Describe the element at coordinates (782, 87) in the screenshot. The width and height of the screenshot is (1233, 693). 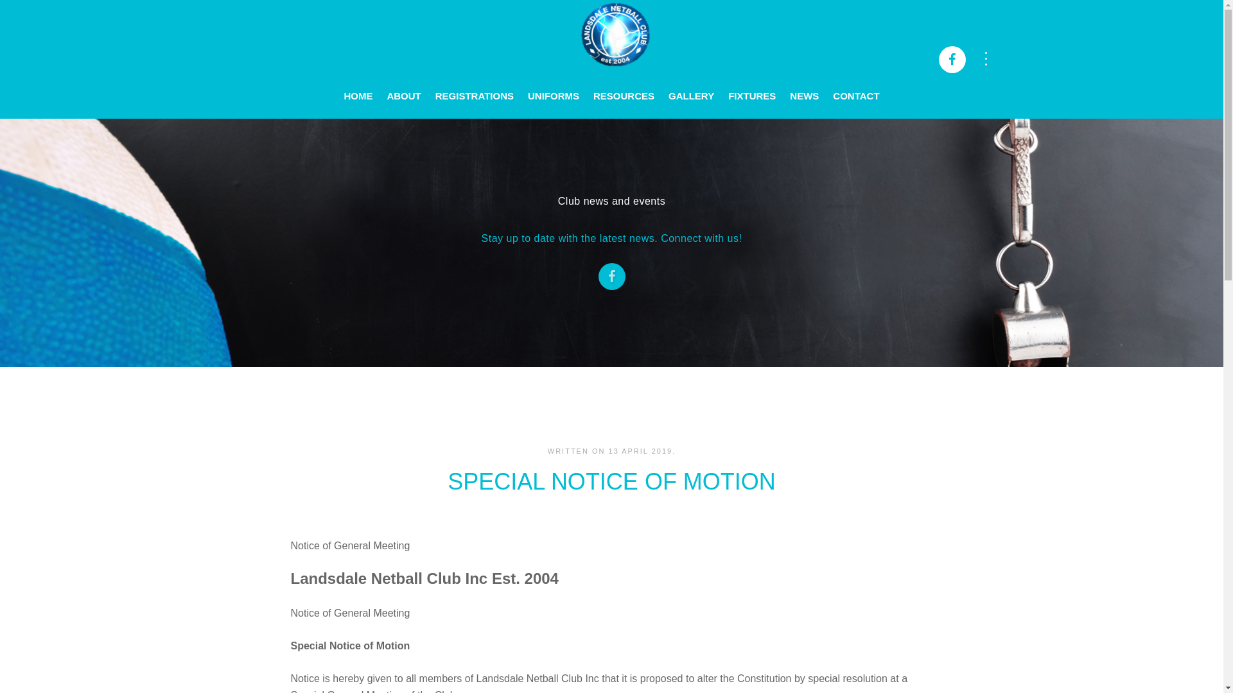
I see `'NEWS'` at that location.